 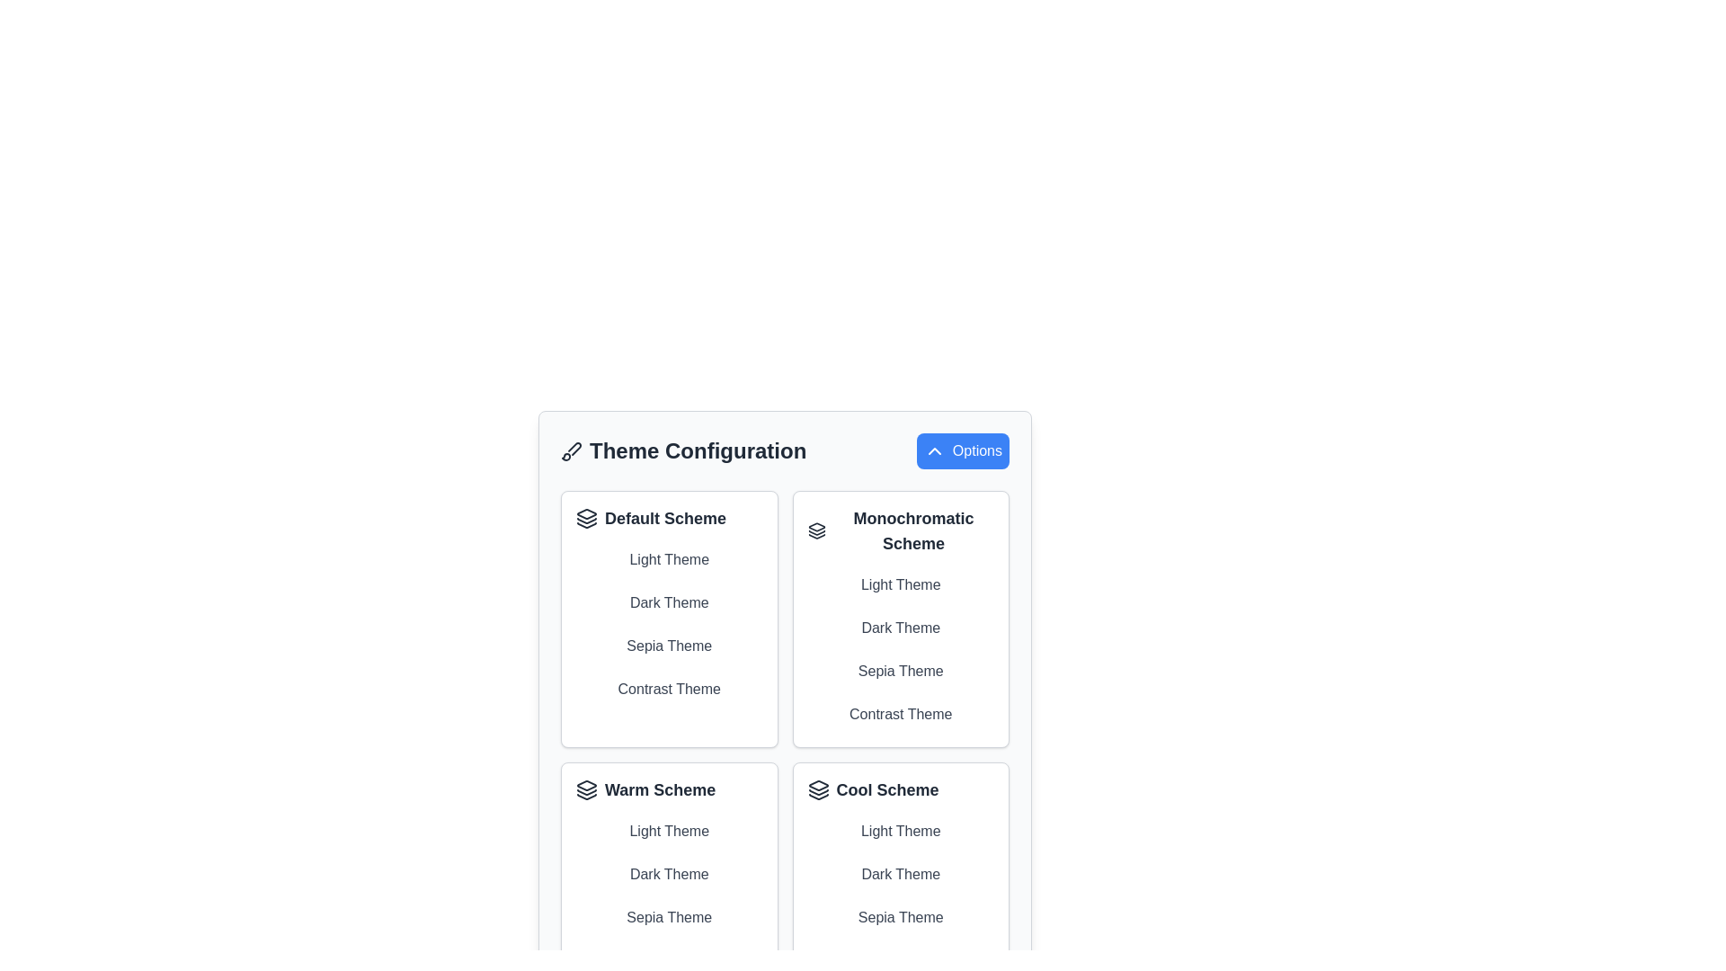 I want to click on the topmost icon in the 'Cool Scheme' box located at the bottom-right corner of the theme configuration panel, so click(x=817, y=785).